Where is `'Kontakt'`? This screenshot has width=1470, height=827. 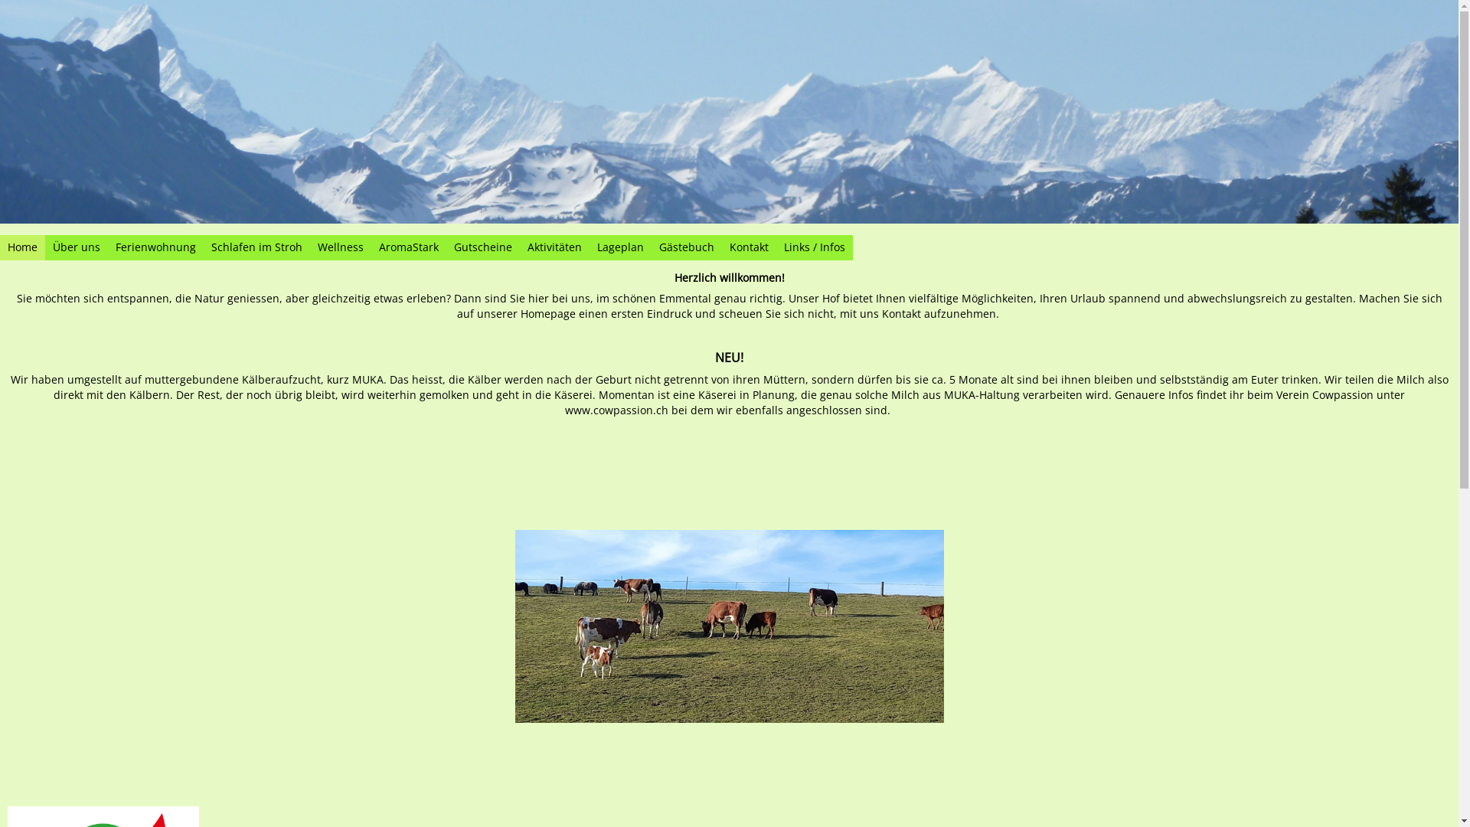 'Kontakt' is located at coordinates (749, 247).